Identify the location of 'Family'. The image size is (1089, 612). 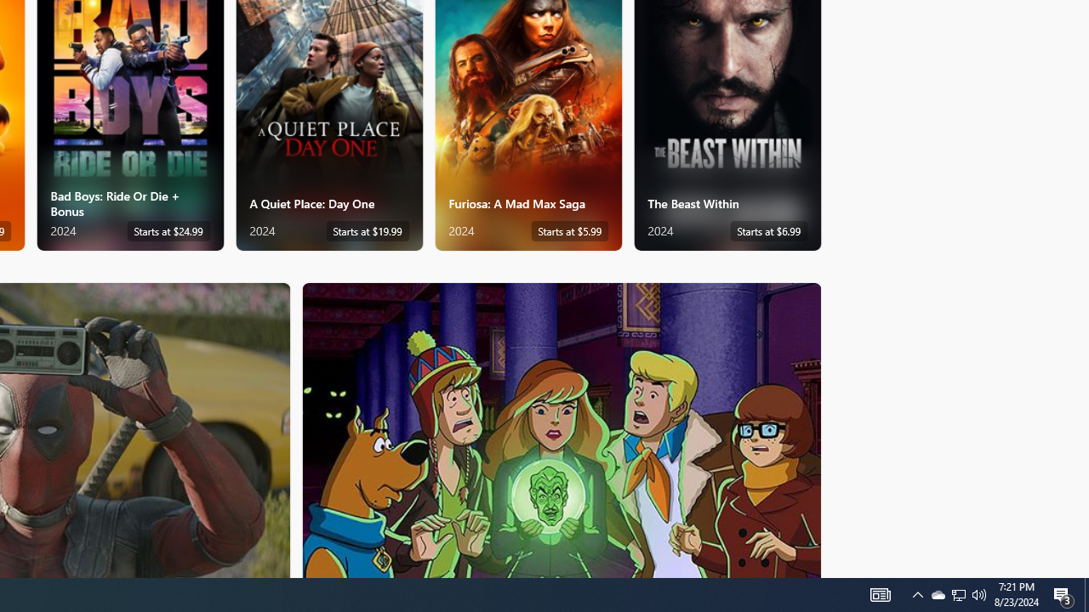
(562, 428).